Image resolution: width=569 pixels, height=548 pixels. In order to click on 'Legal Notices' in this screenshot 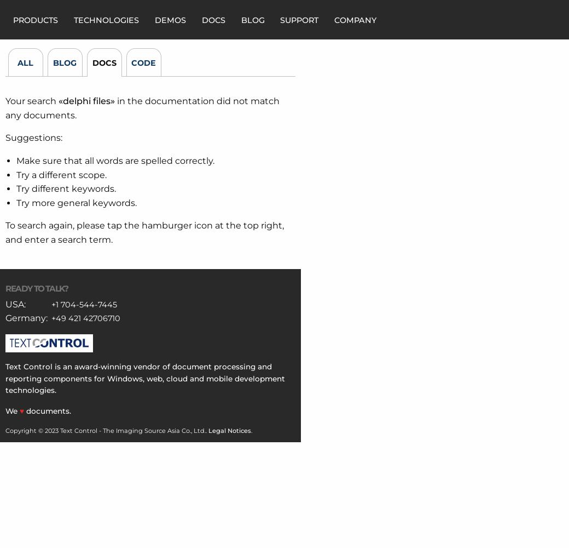, I will do `click(207, 430)`.